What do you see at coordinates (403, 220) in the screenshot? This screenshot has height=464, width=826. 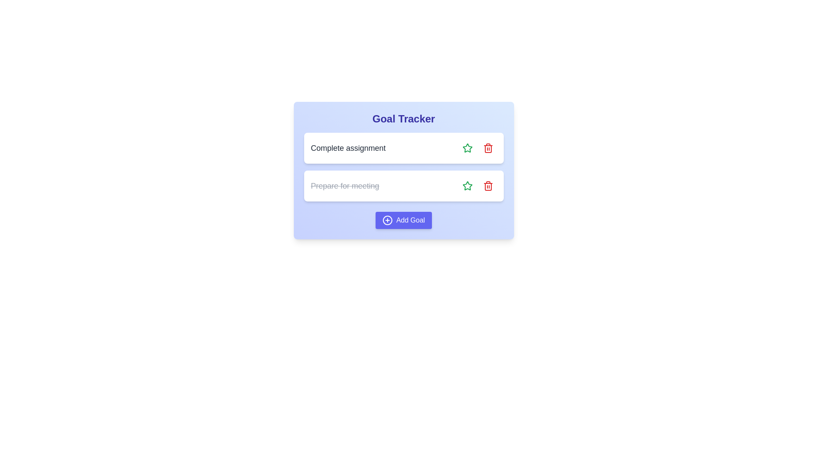 I see `the 'Add Goal' button, which is a rectangular button with a rounded outline, purple-indigo background, and white text, located at the bottom center of the 'Goal Tracker' card` at bounding box center [403, 220].